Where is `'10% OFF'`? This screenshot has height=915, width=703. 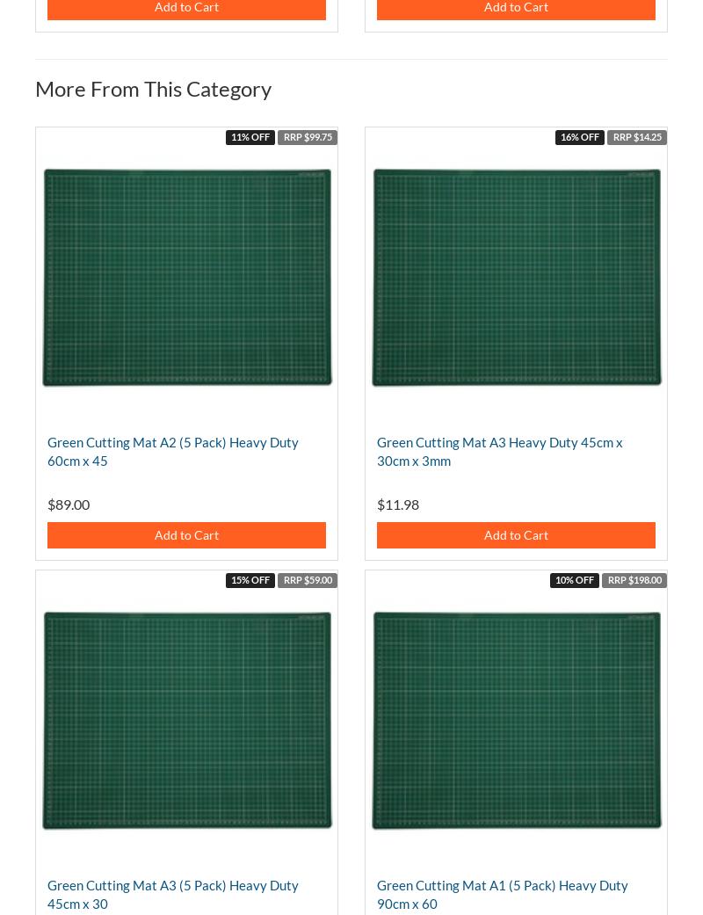 '10% OFF' is located at coordinates (574, 578).